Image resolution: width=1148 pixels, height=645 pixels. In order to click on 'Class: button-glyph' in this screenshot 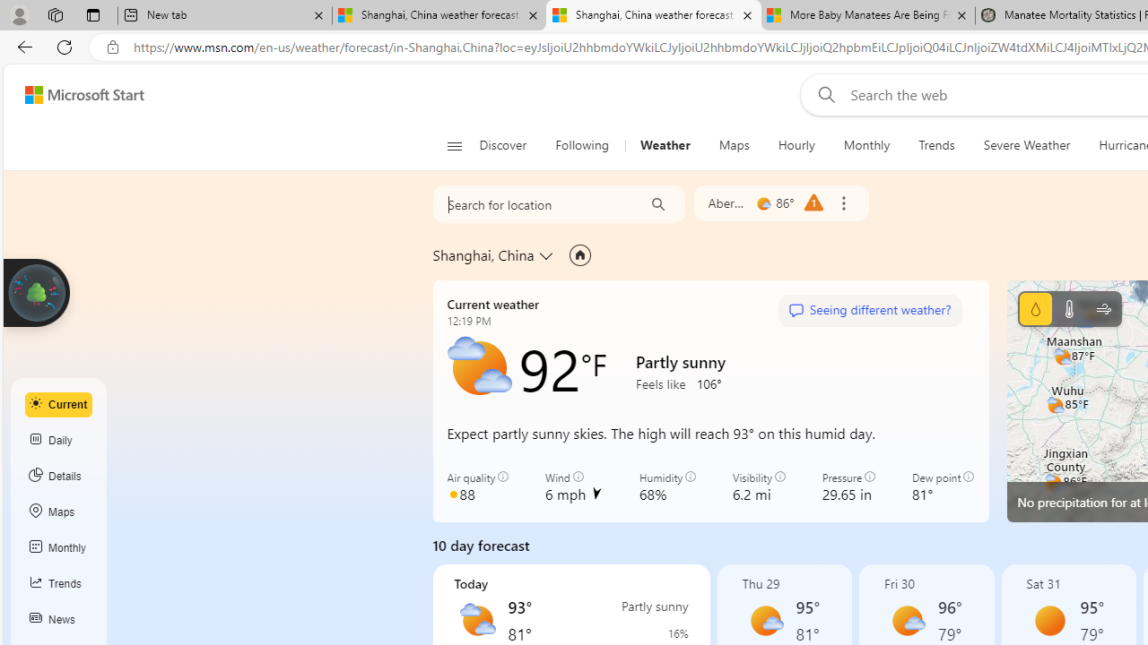, I will do `click(454, 145)`.